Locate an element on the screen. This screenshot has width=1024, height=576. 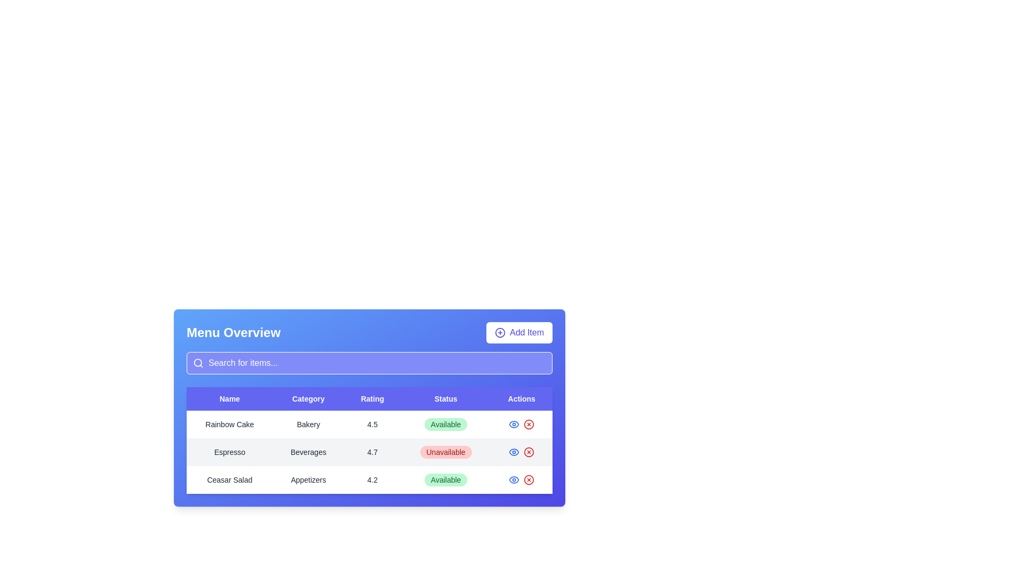
the Text label indicating the category of the menu item under 'Ceasar Salad', which is located in the second cell of the 'Category' column in the table is located at coordinates (308, 479).